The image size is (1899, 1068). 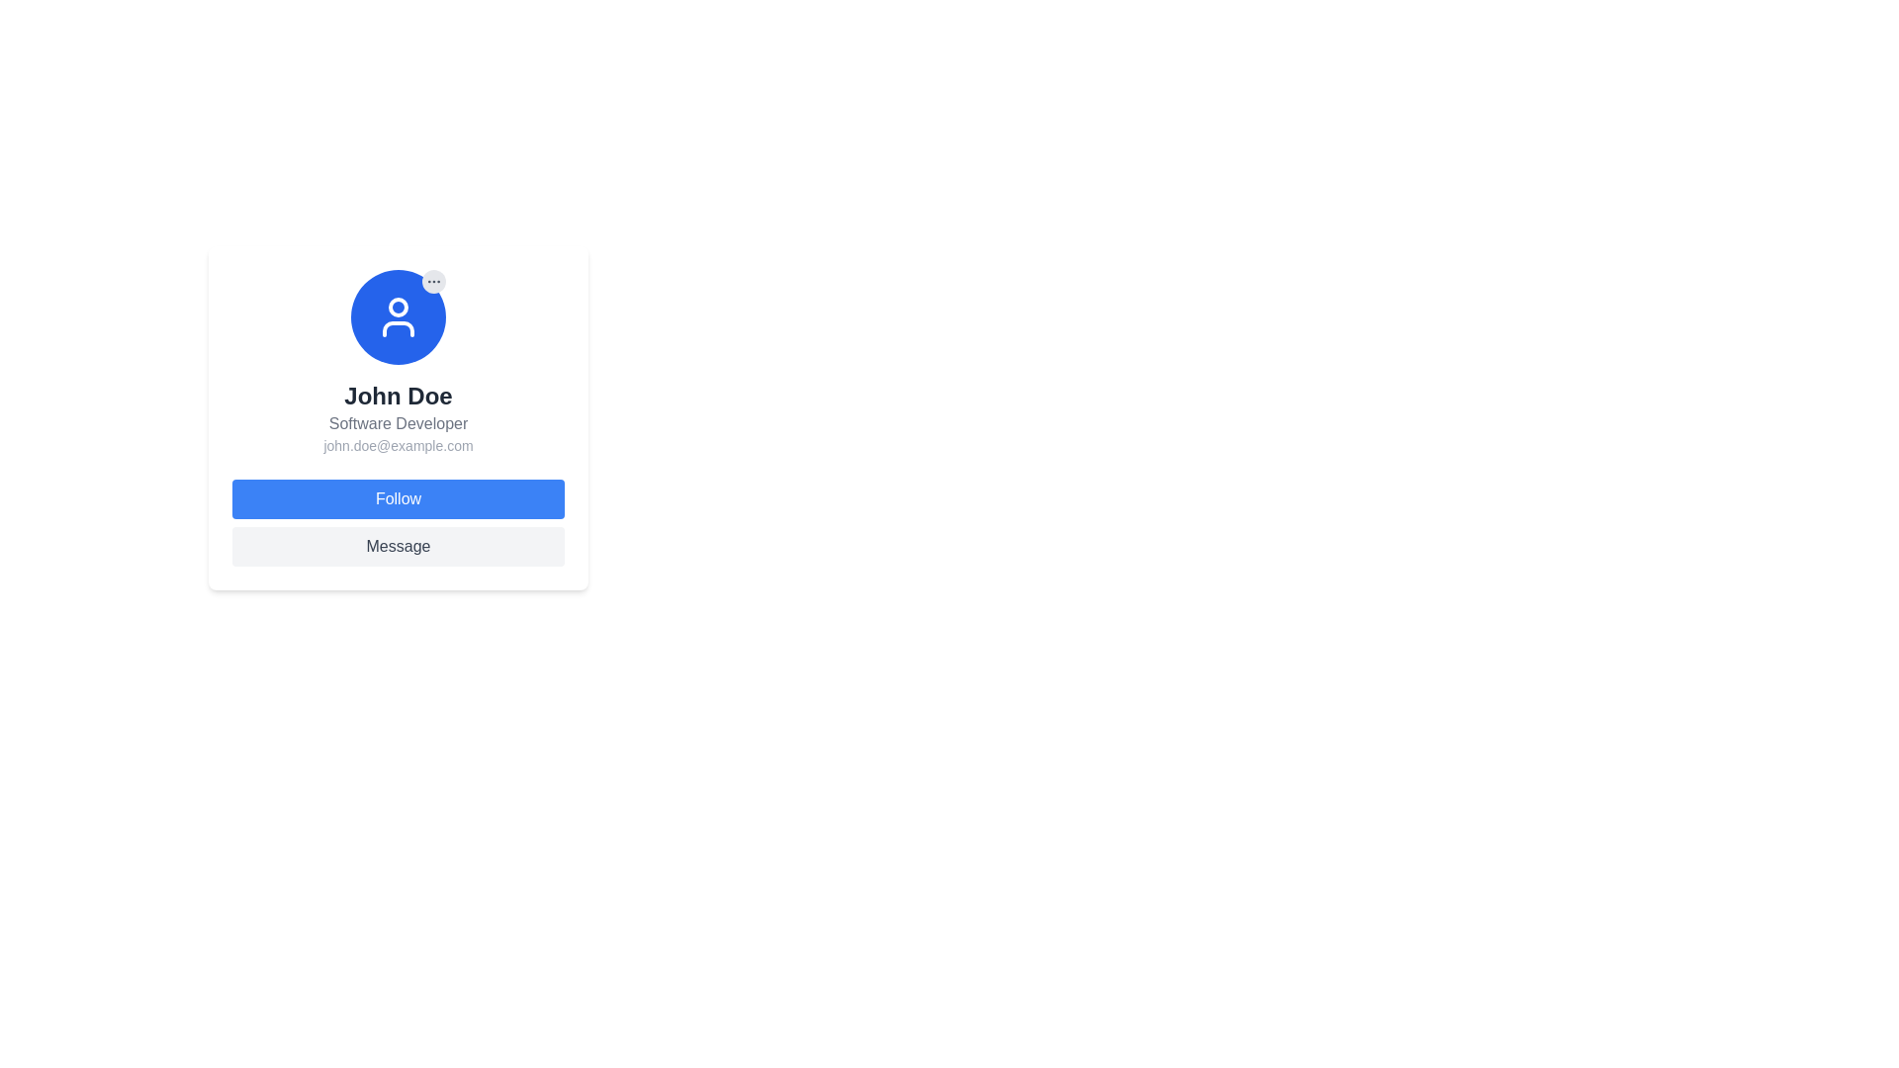 What do you see at coordinates (398, 446) in the screenshot?
I see `the text 'john.doe@example.com' displayed in small, gray font, which is located below the title 'Software Developer' and above the buttons 'Follow' and 'Message'` at bounding box center [398, 446].